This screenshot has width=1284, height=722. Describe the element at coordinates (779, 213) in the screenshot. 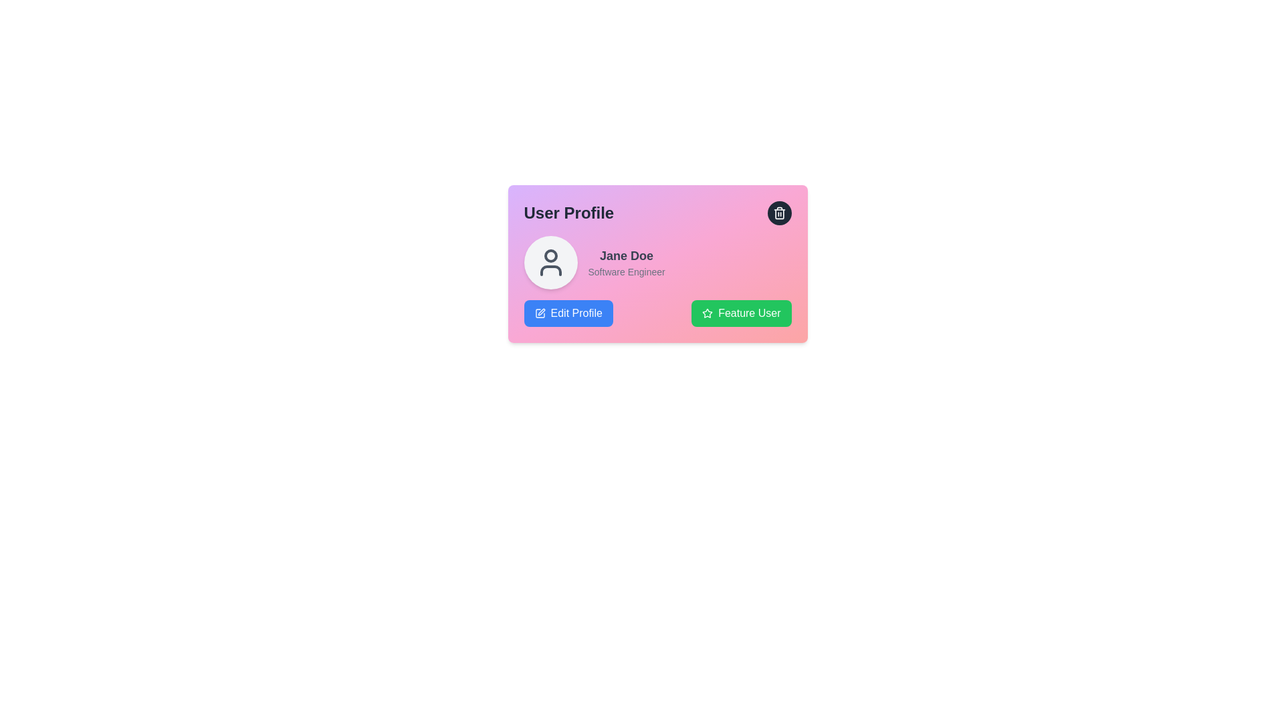

I see `the trash icon button located in the top-right corner of the profile card` at that location.